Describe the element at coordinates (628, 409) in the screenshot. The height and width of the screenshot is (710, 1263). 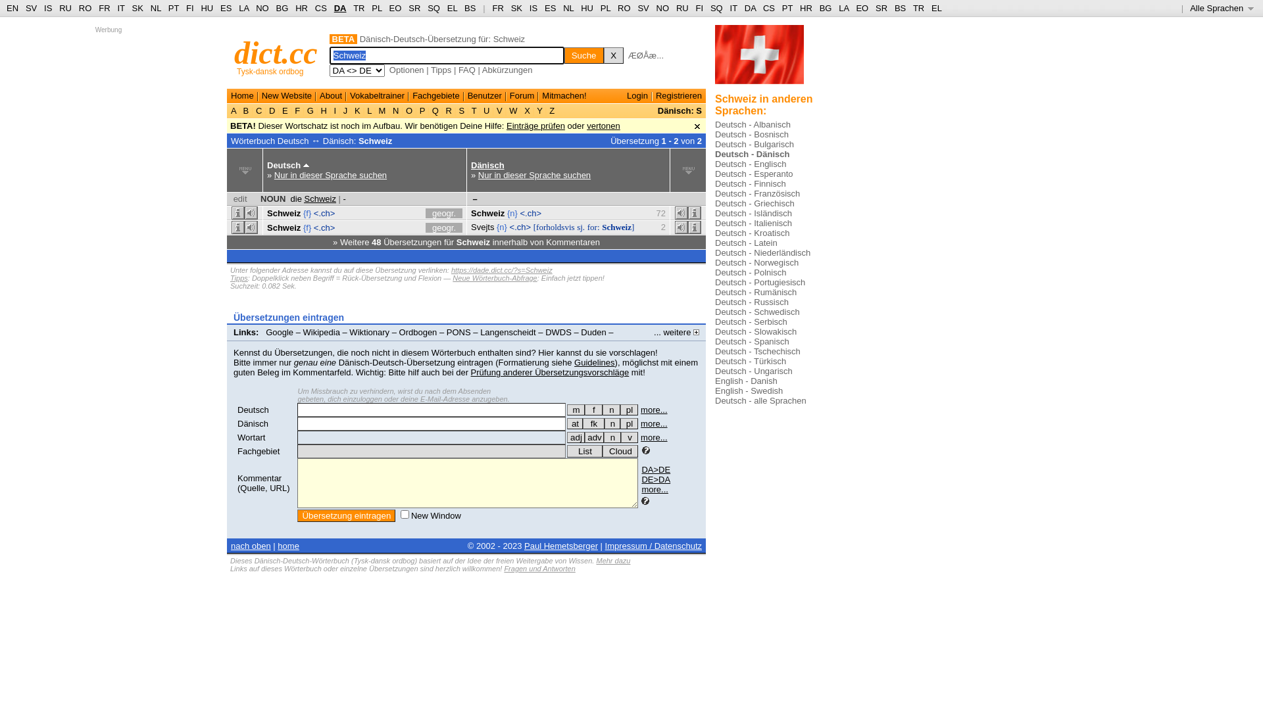
I see `'pl'` at that location.